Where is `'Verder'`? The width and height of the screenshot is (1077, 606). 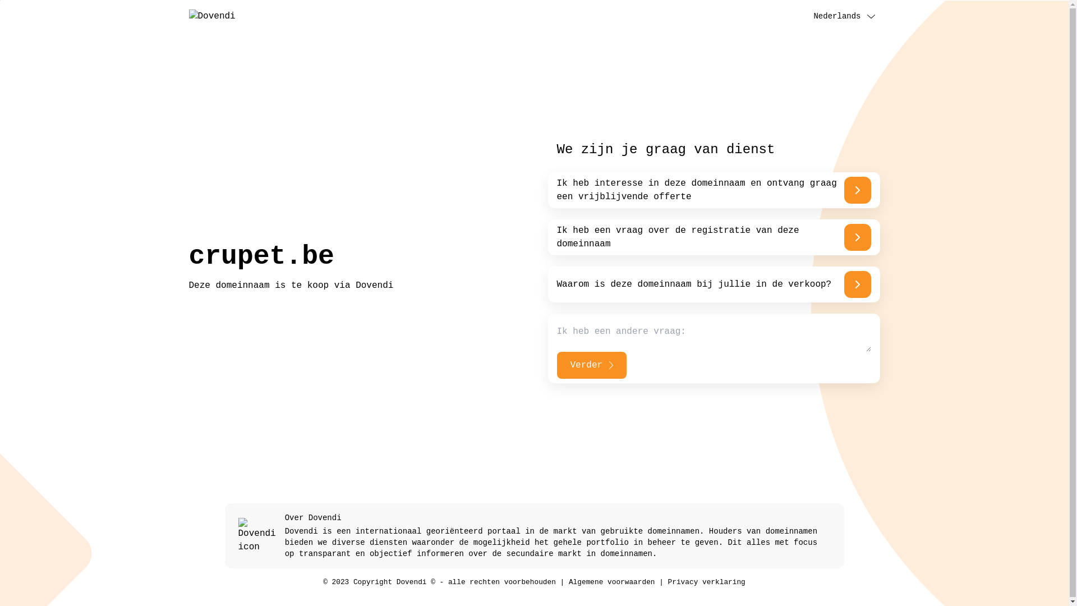 'Verder' is located at coordinates (591, 365).